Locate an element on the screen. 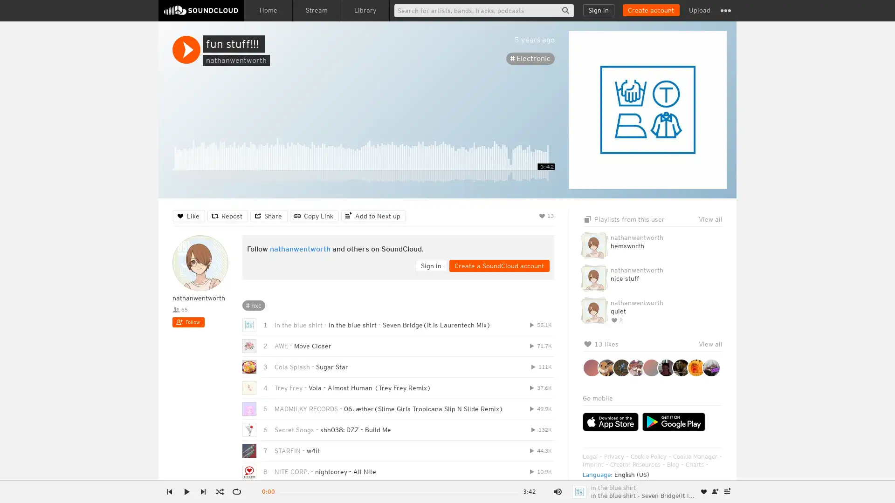 This screenshot has height=503, width=895. Hide queue is located at coordinates (716, 231).